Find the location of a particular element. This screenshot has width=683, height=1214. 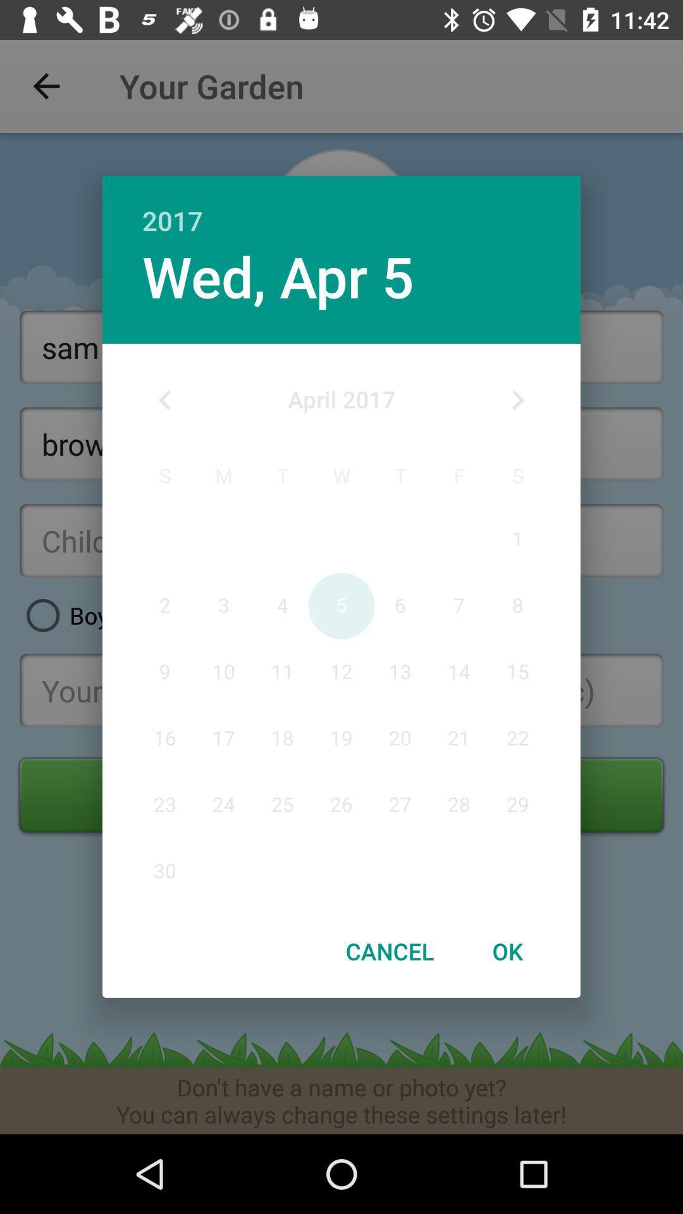

item below the 2017 icon is located at coordinates (517, 400).